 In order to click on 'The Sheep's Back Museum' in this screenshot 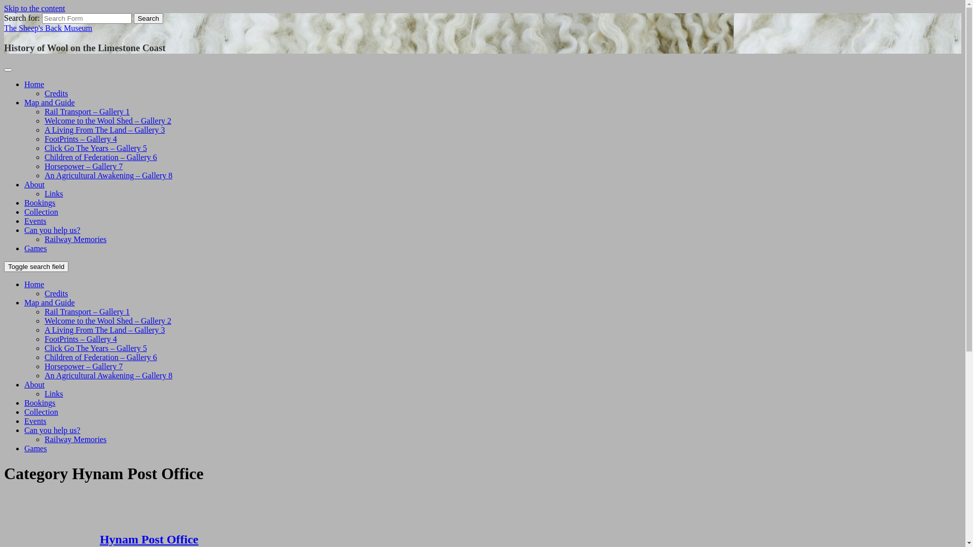, I will do `click(48, 27)`.